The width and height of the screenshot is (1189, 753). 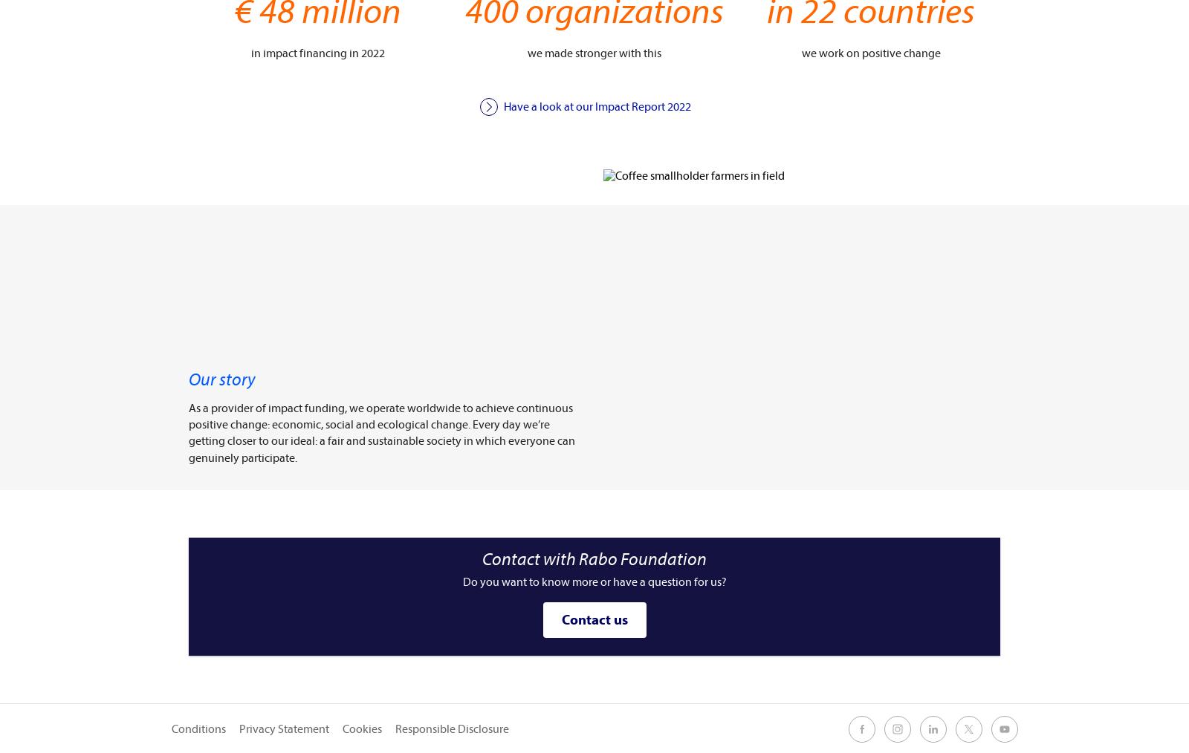 I want to click on 'Privacy Statement', so click(x=284, y=728).